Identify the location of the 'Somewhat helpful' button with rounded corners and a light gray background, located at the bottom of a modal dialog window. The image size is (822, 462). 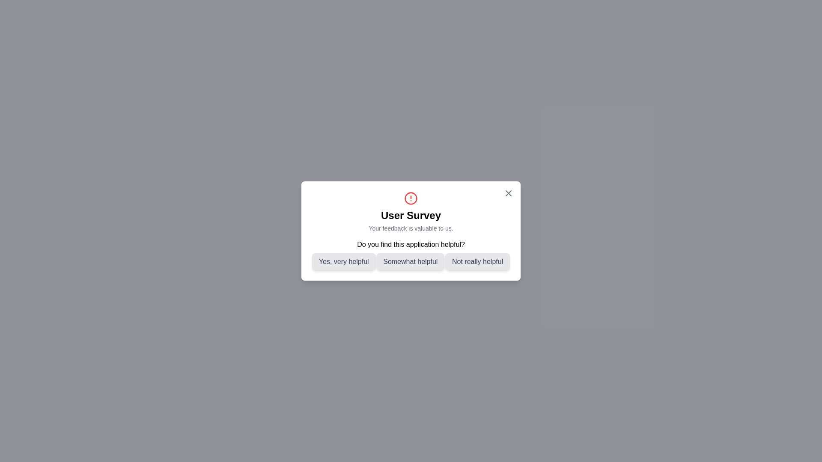
(410, 261).